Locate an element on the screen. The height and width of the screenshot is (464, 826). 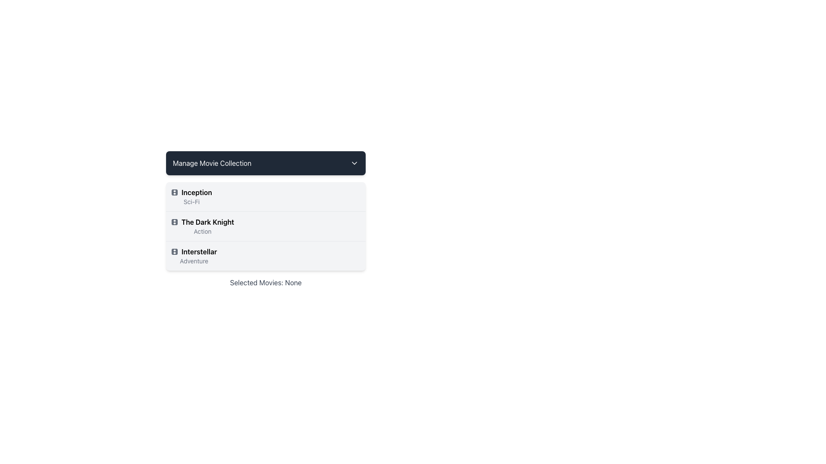
the rectangular icon with rounded corners representing the movie 'Inception', styled as a simplistic gray film reel is located at coordinates (174, 192).